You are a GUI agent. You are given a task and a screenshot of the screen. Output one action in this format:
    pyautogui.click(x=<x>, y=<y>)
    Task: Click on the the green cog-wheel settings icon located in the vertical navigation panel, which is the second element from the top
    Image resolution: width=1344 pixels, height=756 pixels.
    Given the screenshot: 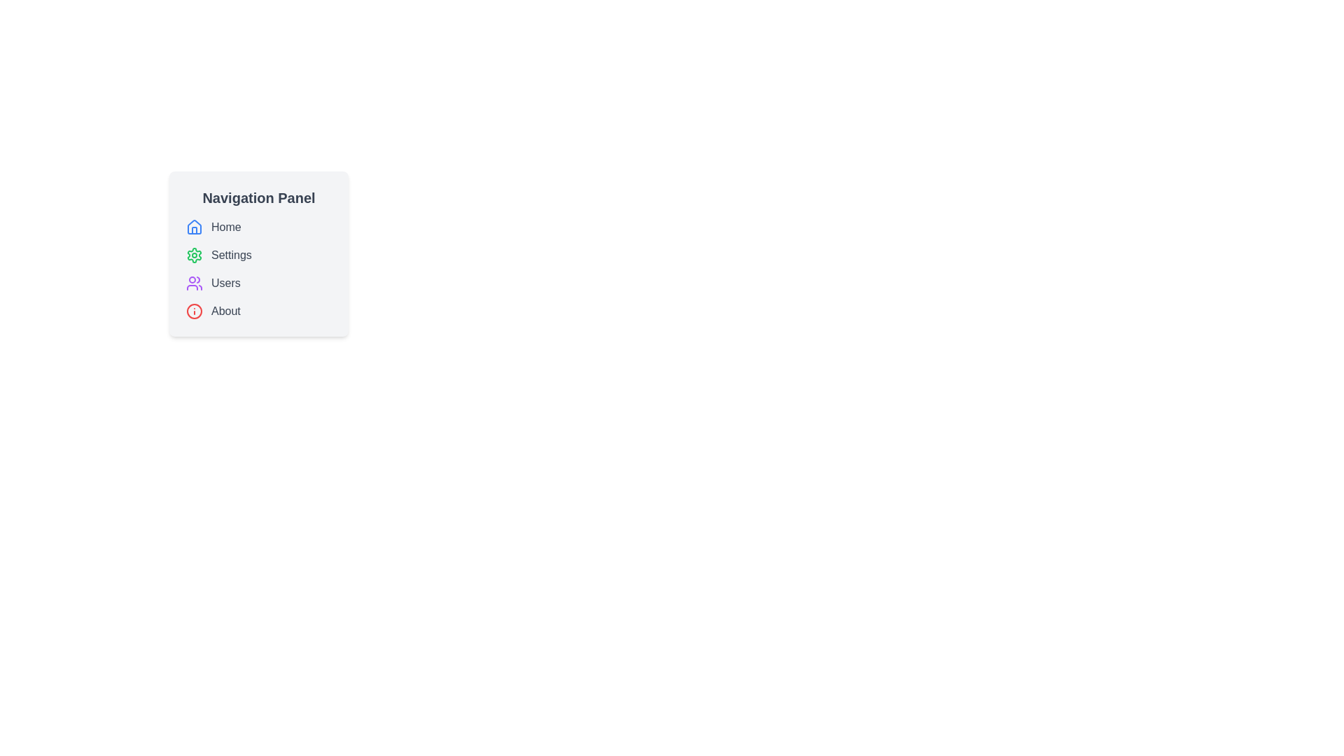 What is the action you would take?
    pyautogui.click(x=194, y=255)
    